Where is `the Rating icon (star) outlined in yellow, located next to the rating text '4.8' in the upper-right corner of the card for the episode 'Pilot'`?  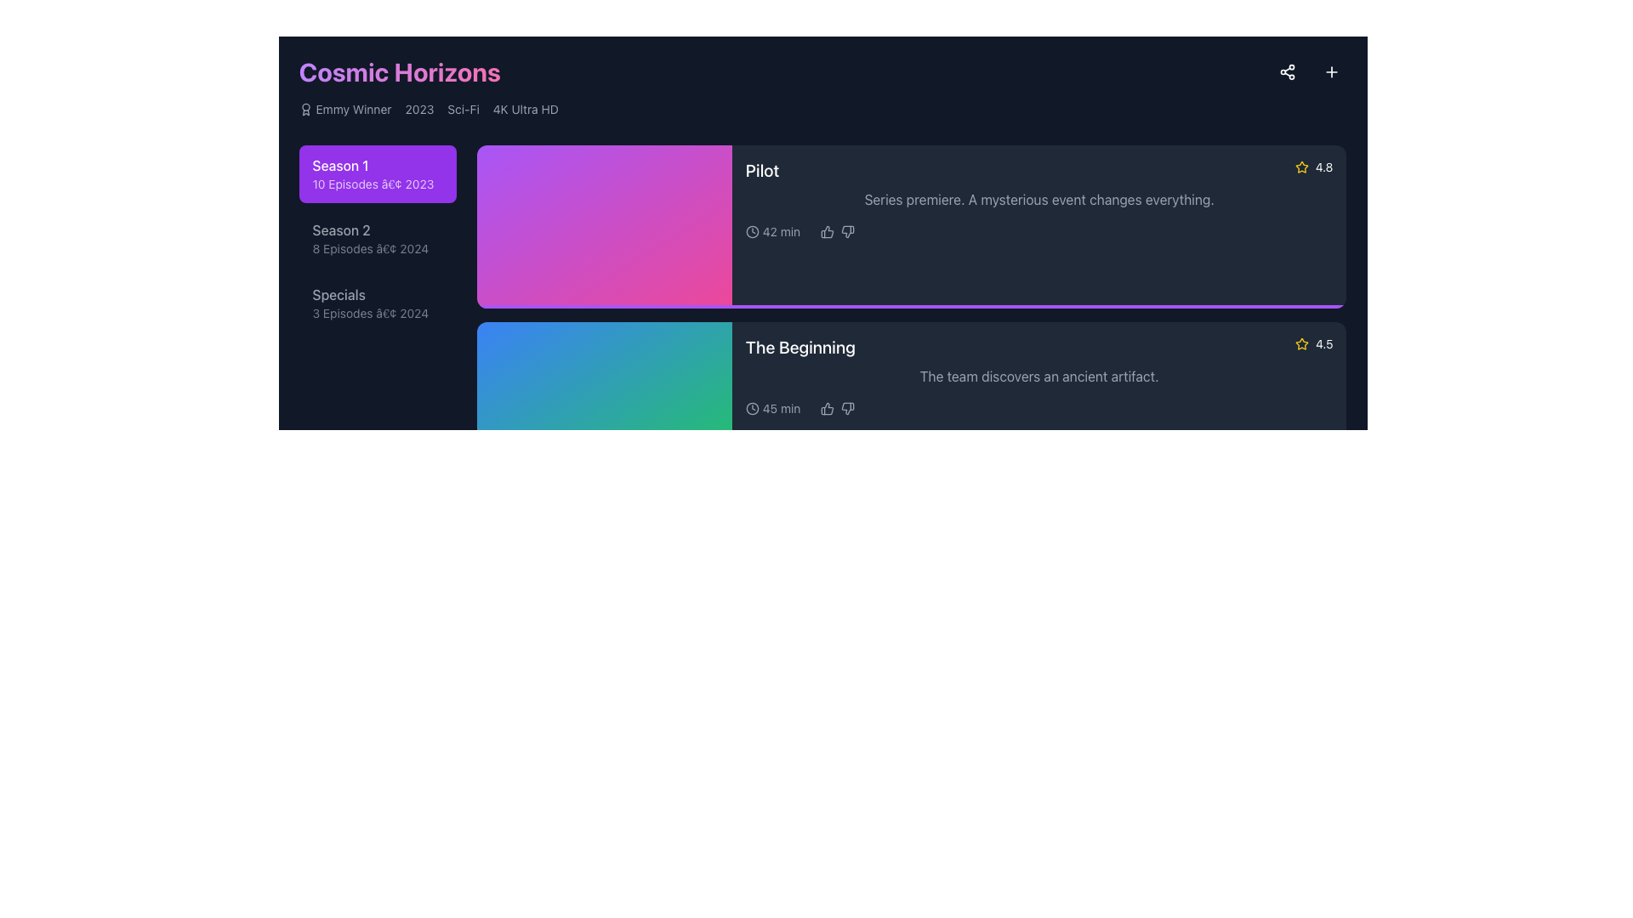
the Rating icon (star) outlined in yellow, located next to the rating text '4.8' in the upper-right corner of the card for the episode 'Pilot' is located at coordinates (1300, 167).